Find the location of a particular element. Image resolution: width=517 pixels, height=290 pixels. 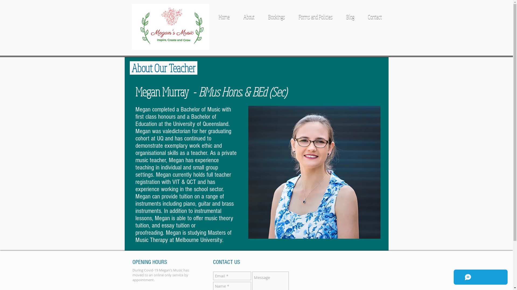

'Home' is located at coordinates (224, 16).